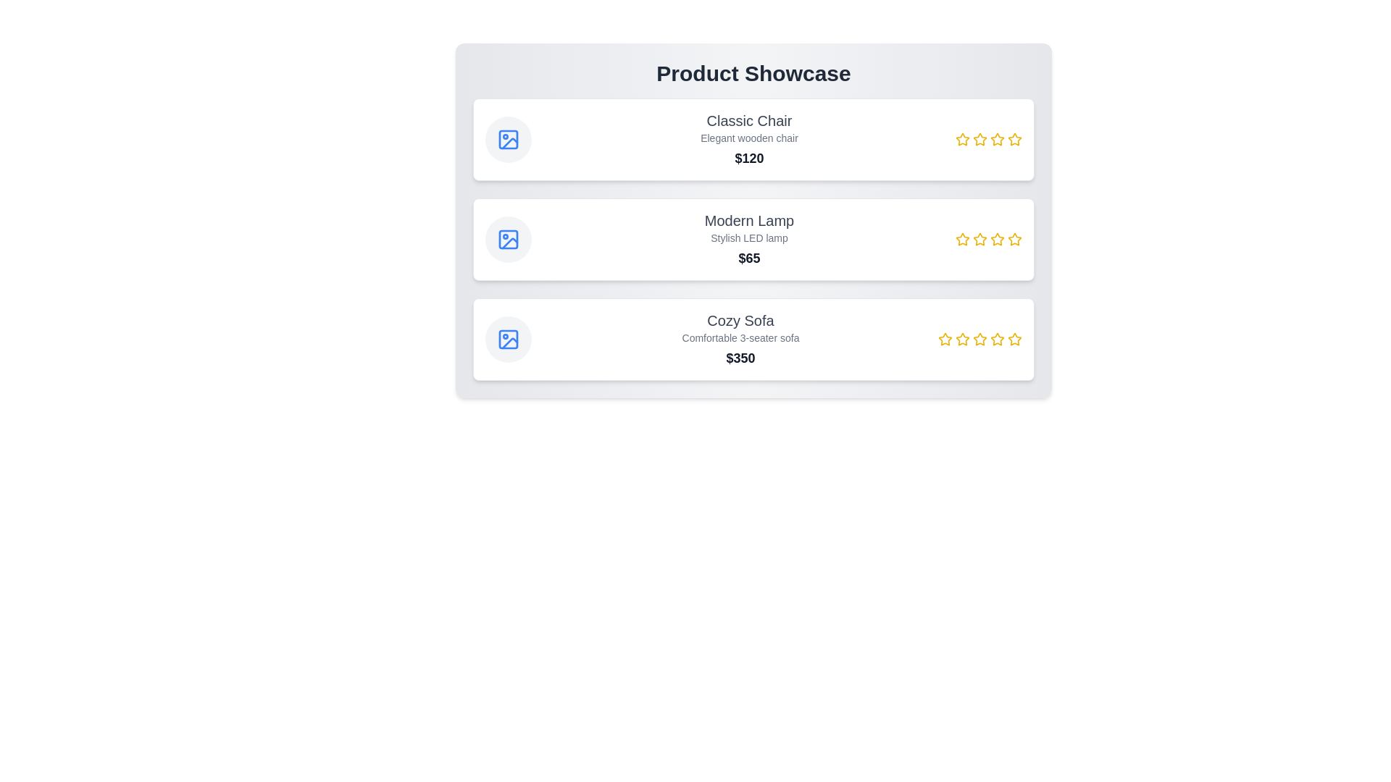  Describe the element at coordinates (508, 239) in the screenshot. I see `the image icon of the product 'Modern Lamp' to examine its image` at that location.